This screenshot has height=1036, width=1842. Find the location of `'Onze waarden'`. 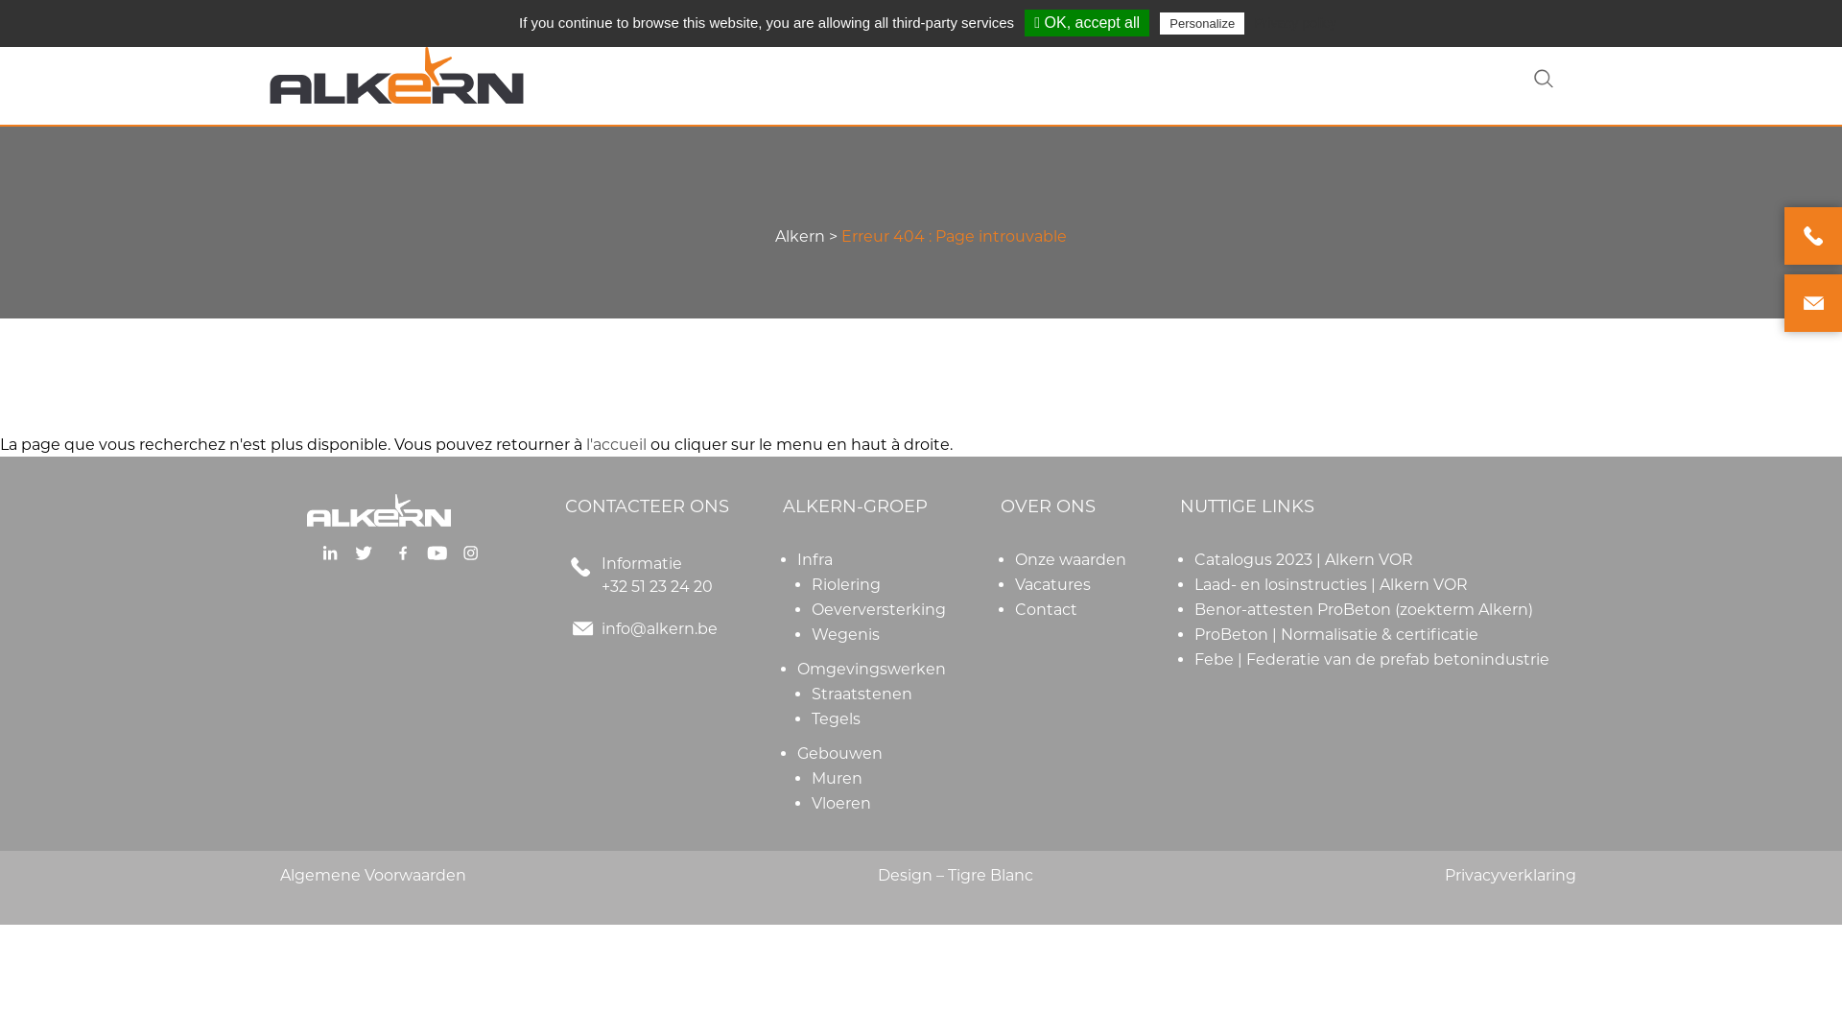

'Onze waarden' is located at coordinates (1070, 559).